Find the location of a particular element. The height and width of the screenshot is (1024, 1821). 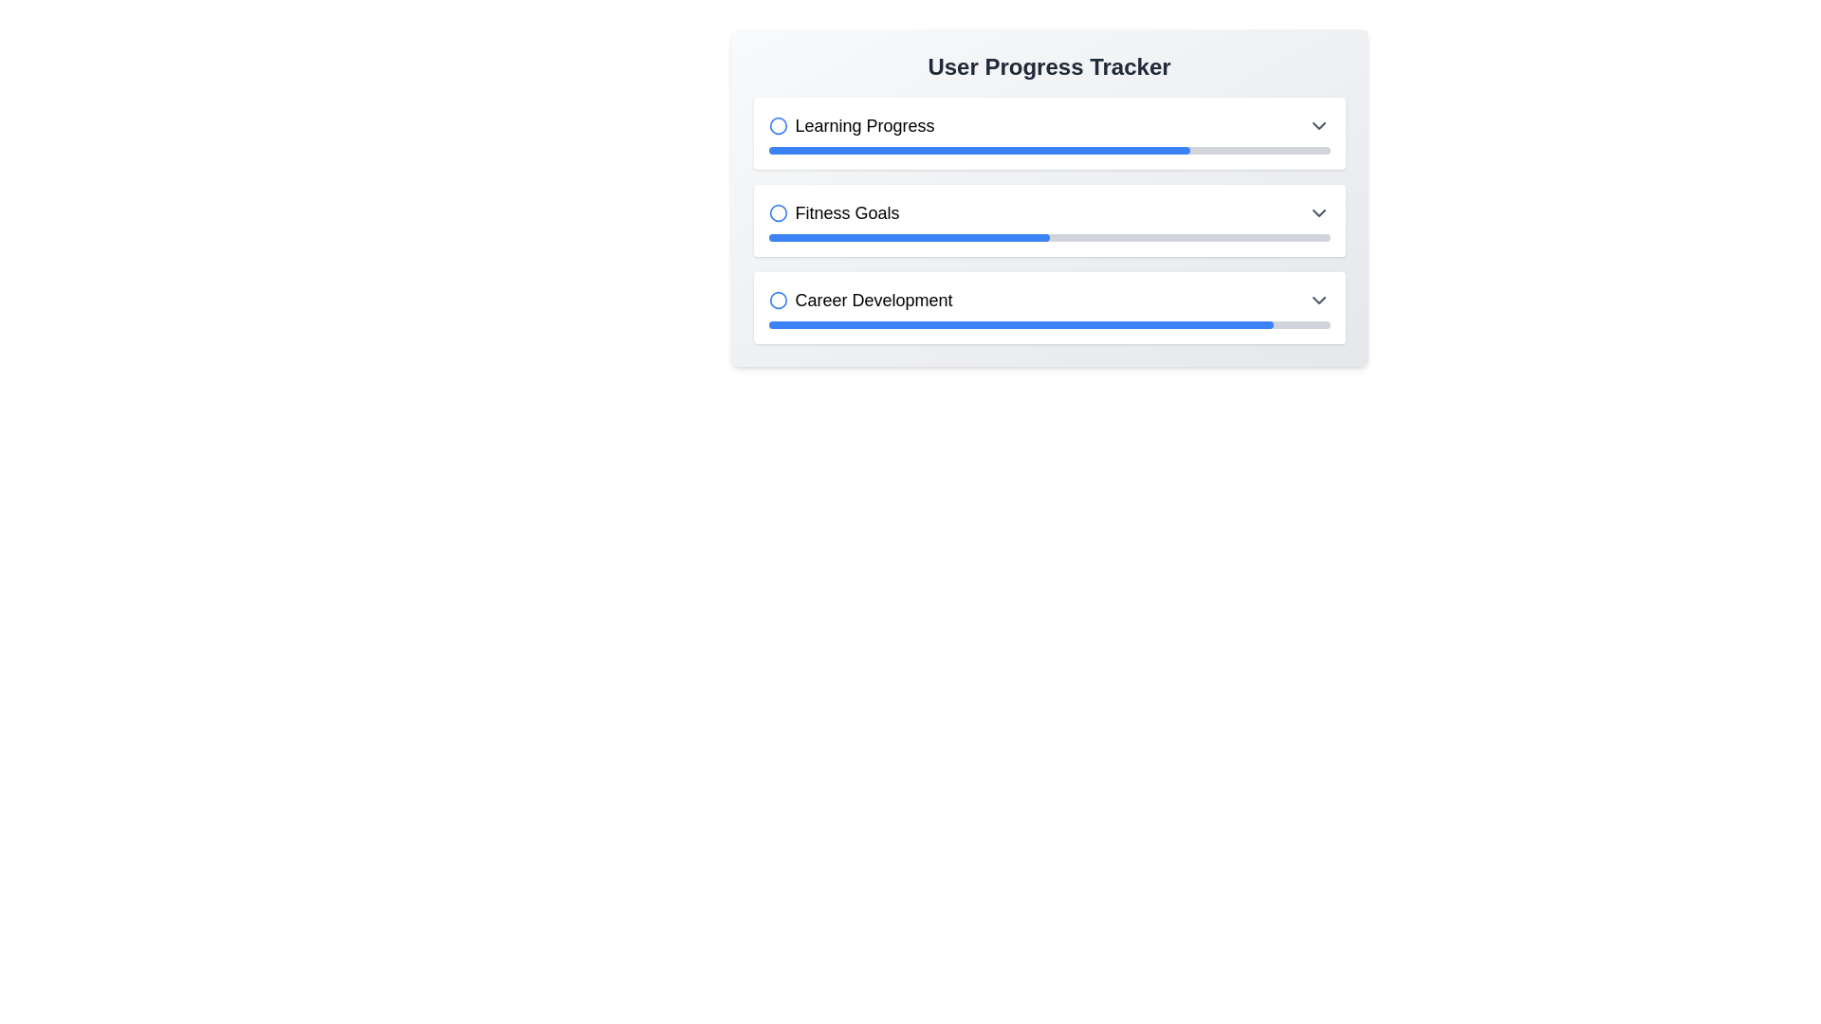

the dropdown toggle button located at the far right of the 'Fitness Goals' section is located at coordinates (1317, 212).